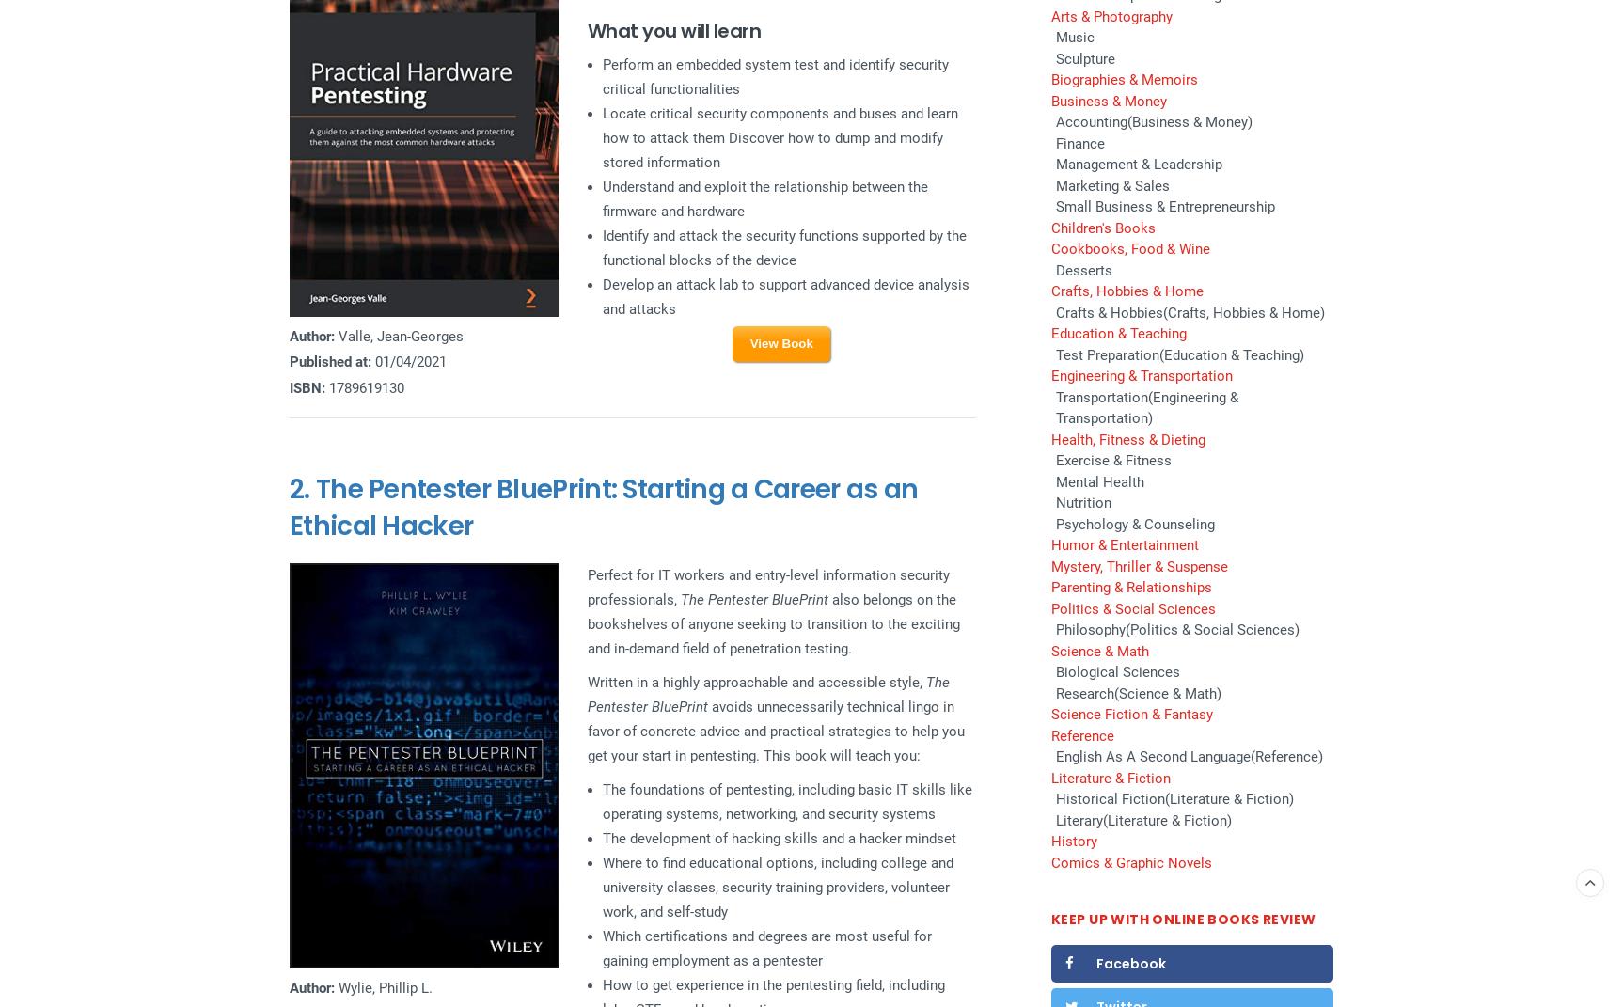 Image resolution: width=1623 pixels, height=1007 pixels. I want to click on 'Biographies & Memoirs', so click(1123, 80).